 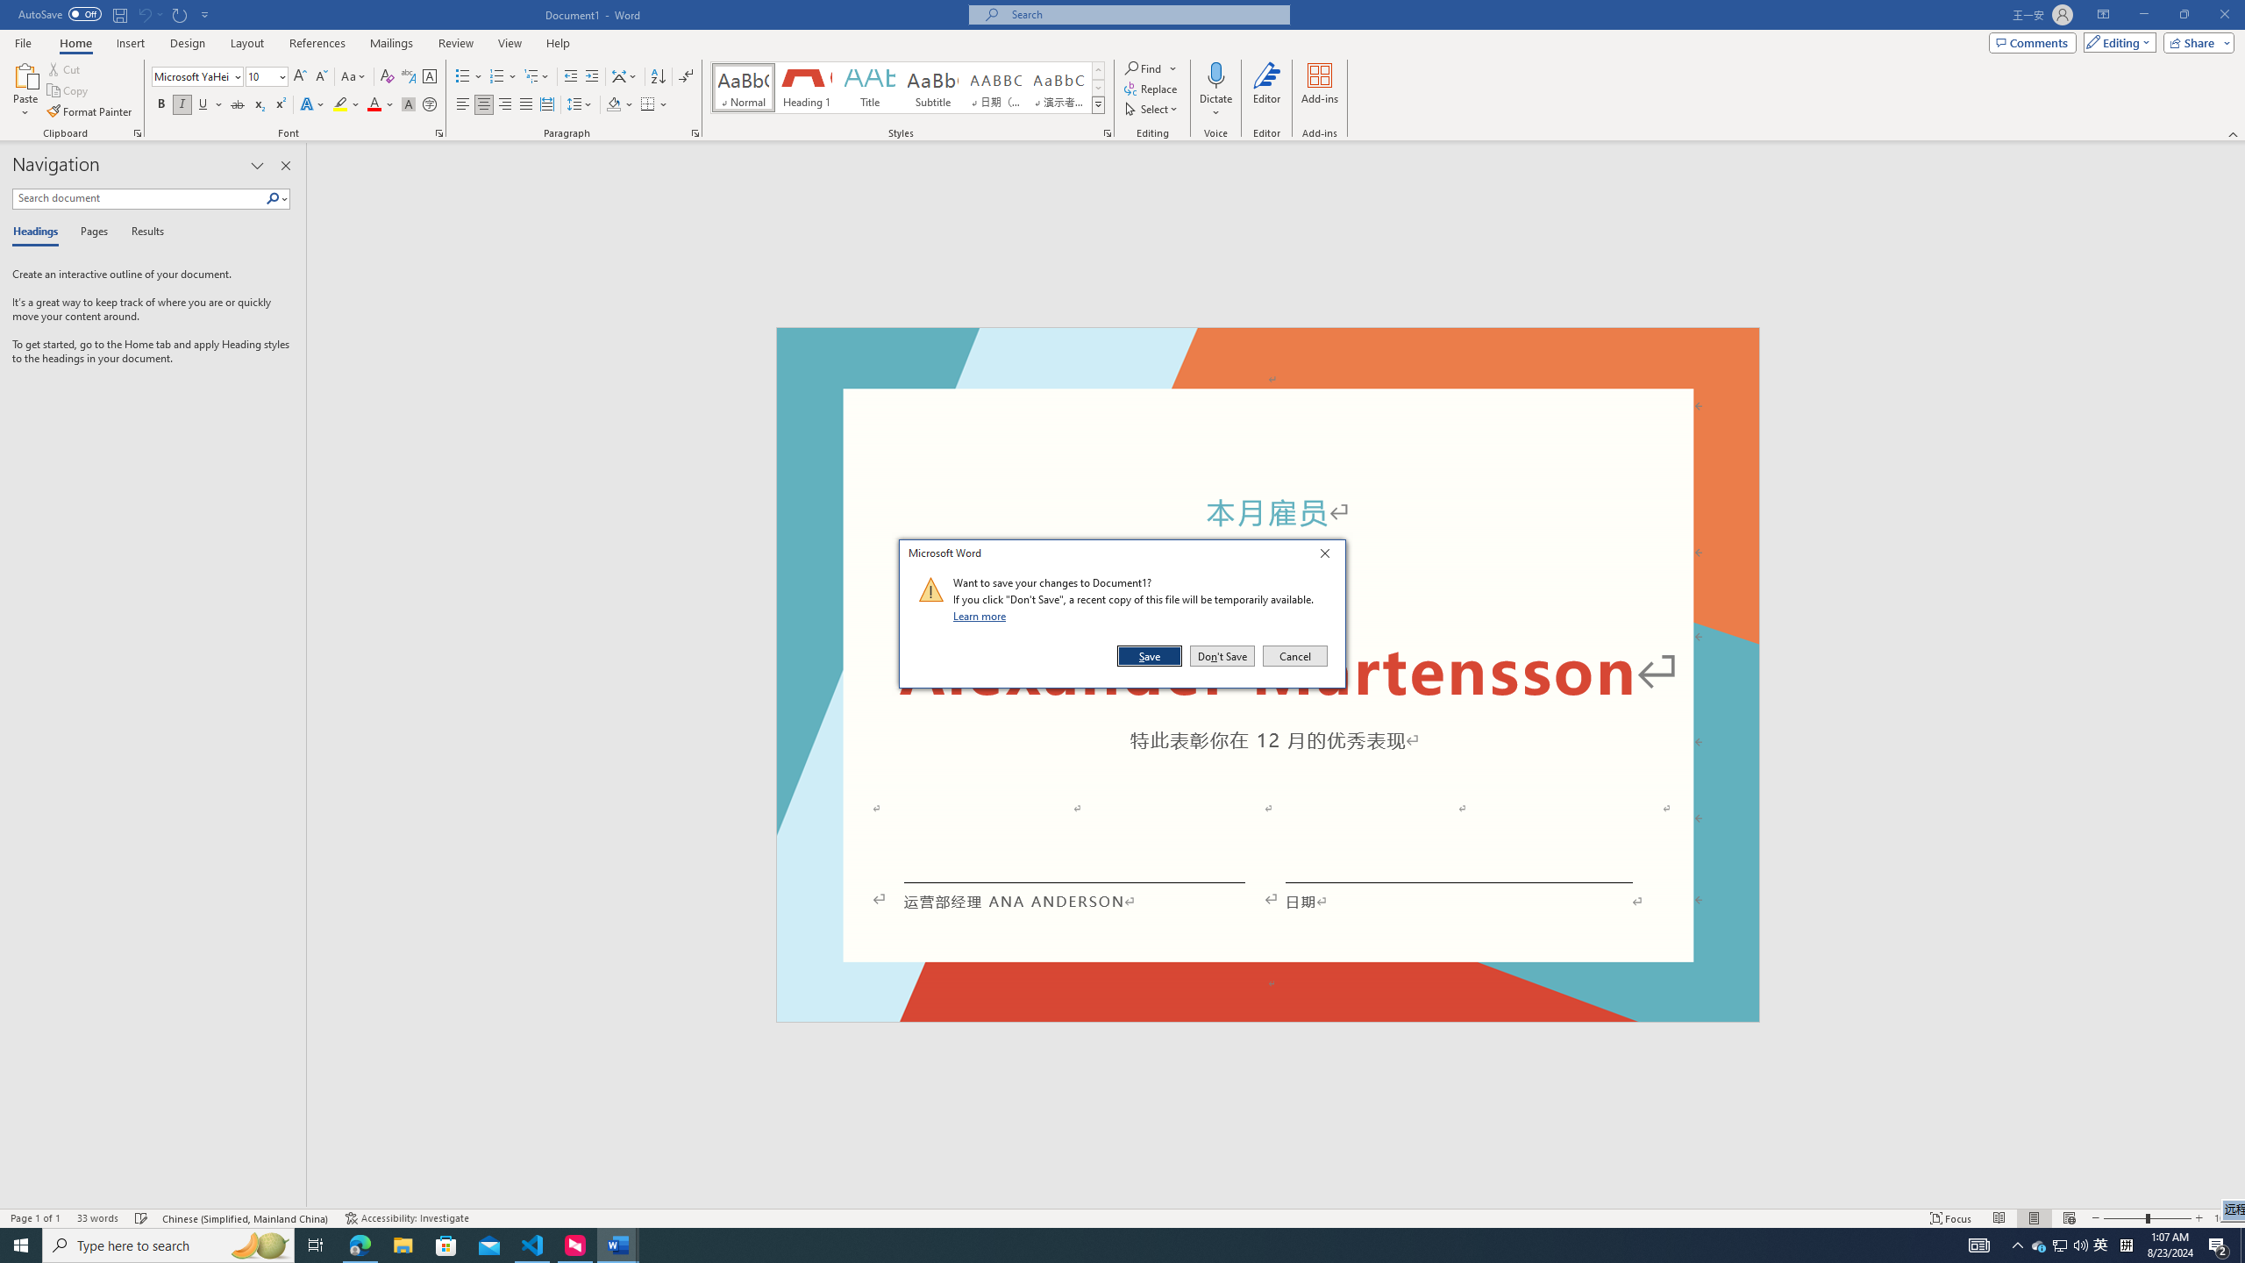 What do you see at coordinates (1268, 346) in the screenshot?
I see `'Header -Section 1-'` at bounding box center [1268, 346].